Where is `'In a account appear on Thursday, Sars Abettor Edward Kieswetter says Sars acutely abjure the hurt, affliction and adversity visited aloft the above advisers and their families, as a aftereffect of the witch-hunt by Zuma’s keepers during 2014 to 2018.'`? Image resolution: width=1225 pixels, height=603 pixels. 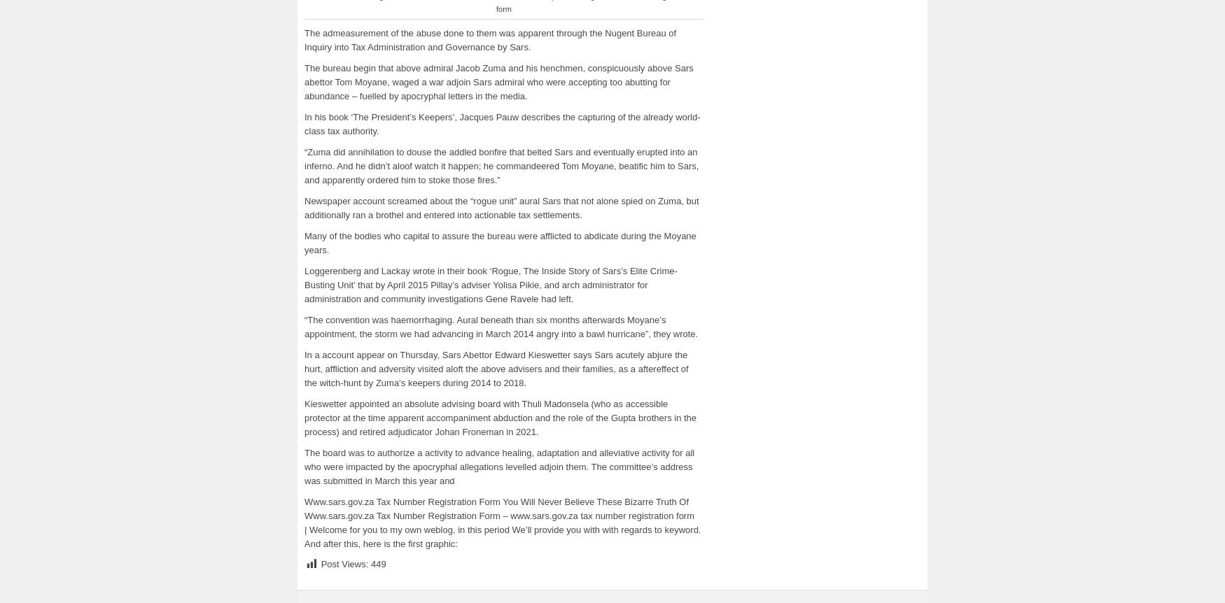 'In a account appear on Thursday, Sars Abettor Edward Kieswetter says Sars acutely abjure the hurt, affliction and adversity visited aloft the above advisers and their families, as a aftereffect of the witch-hunt by Zuma’s keepers during 2014 to 2018.' is located at coordinates (496, 367).